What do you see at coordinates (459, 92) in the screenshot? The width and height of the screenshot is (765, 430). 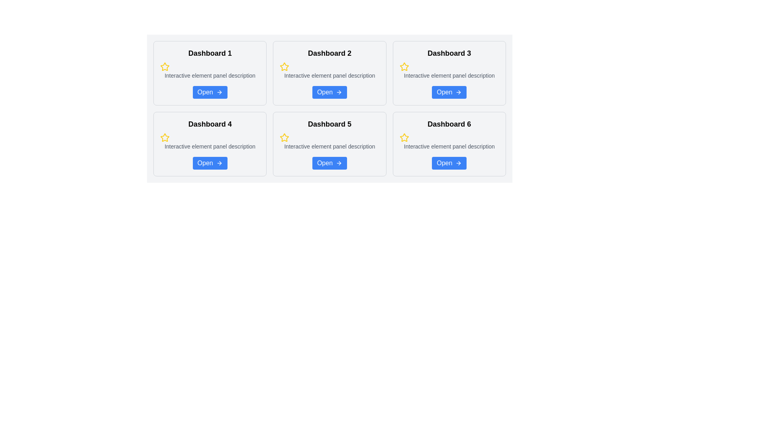 I see `the right-pointing arrow icon within the 'Open' button located in the 'Dashboard 3' card` at bounding box center [459, 92].